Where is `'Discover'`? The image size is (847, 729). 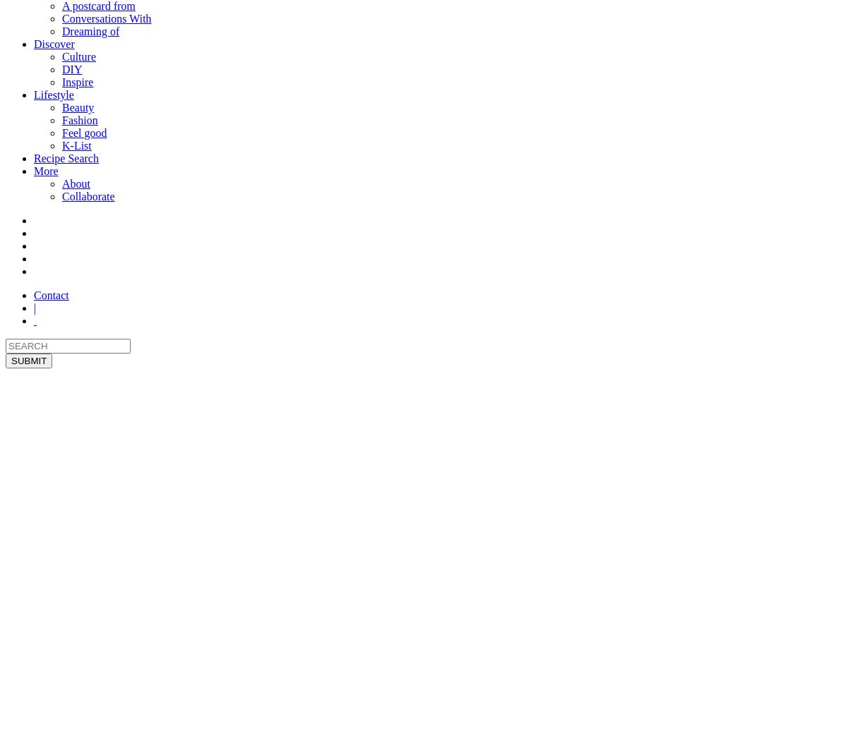
'Discover' is located at coordinates (54, 44).